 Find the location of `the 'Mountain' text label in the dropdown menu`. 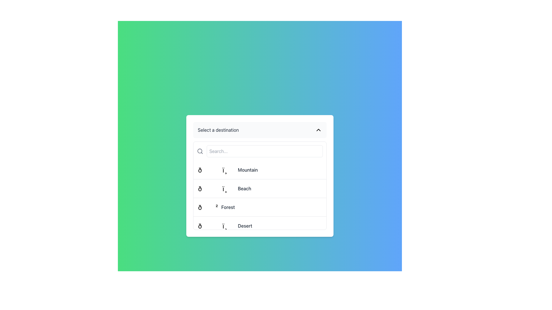

the 'Mountain' text label in the dropdown menu is located at coordinates (248, 169).